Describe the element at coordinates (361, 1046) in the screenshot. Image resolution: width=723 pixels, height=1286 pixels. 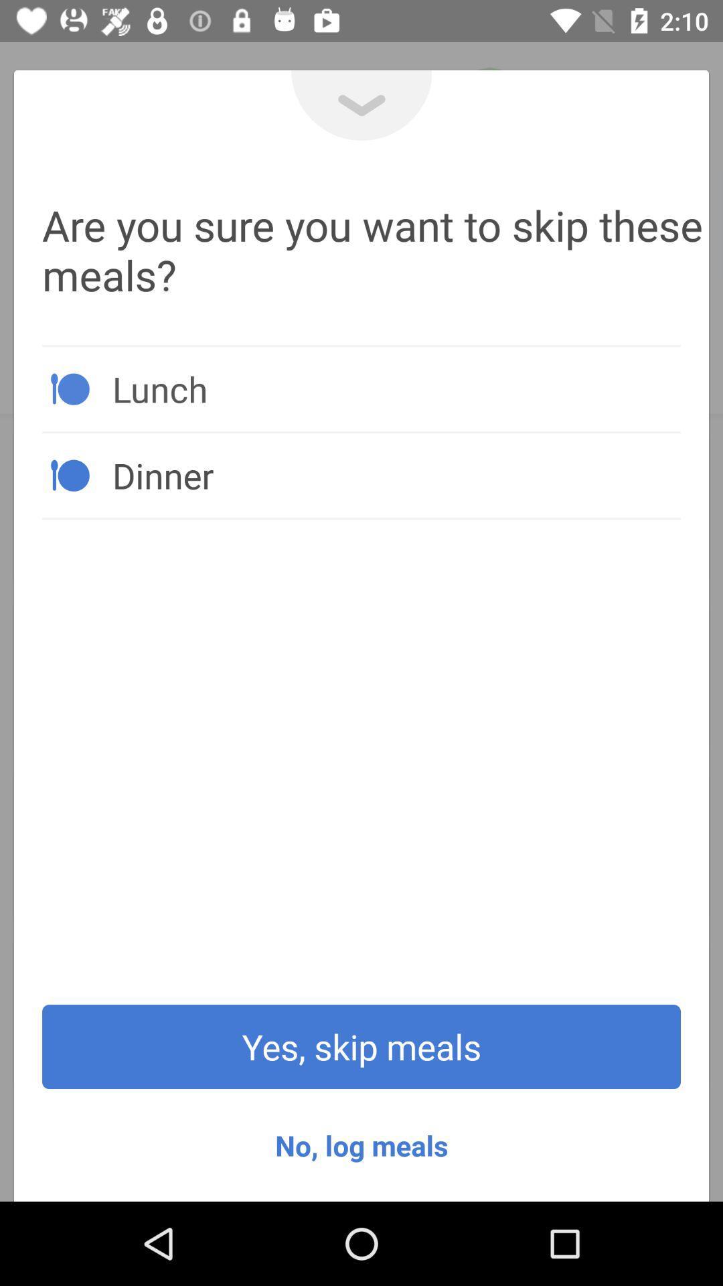
I see `yes, skip meals item` at that location.